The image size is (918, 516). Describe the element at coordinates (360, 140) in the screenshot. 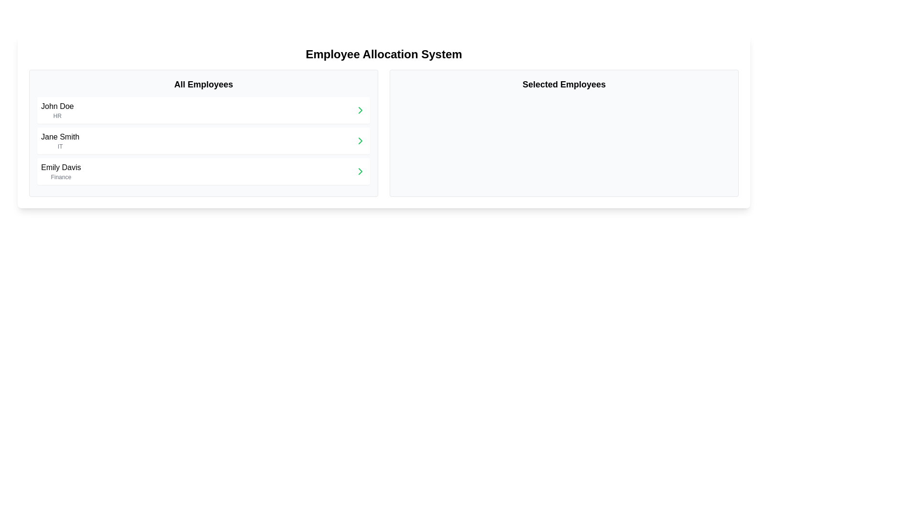

I see `the Icon button located on the far right of the 'Jane Smith' entry in the 'All Employees' list` at that location.